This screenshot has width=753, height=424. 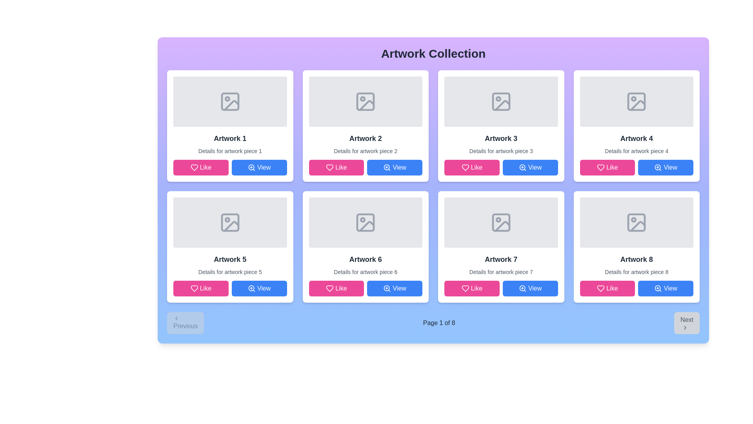 What do you see at coordinates (685, 327) in the screenshot?
I see `the navigation icon located to the right of the 'Next' button at the bottom right corner of the artwork gallery` at bounding box center [685, 327].